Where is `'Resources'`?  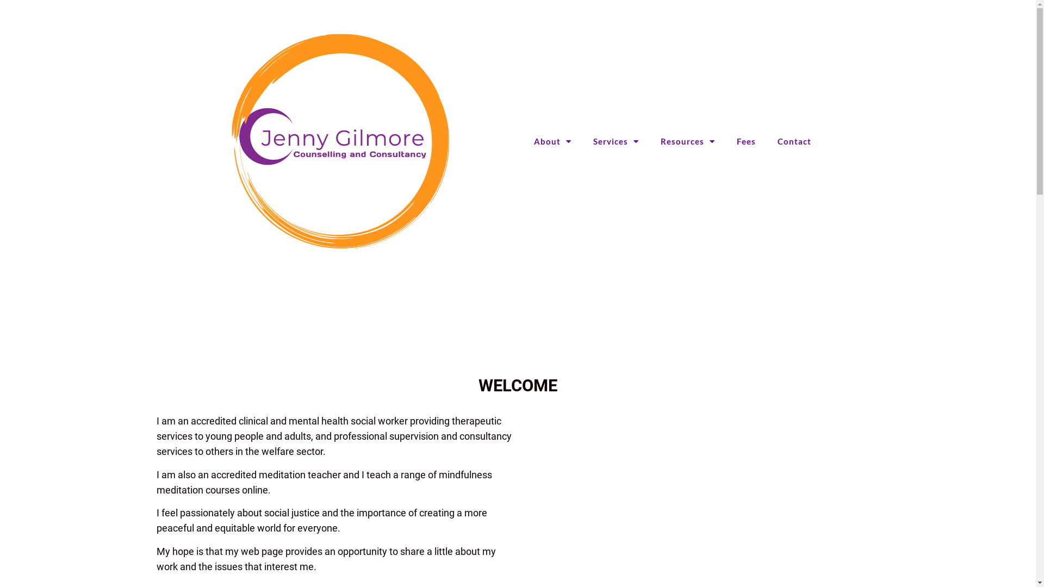 'Resources' is located at coordinates (687, 140).